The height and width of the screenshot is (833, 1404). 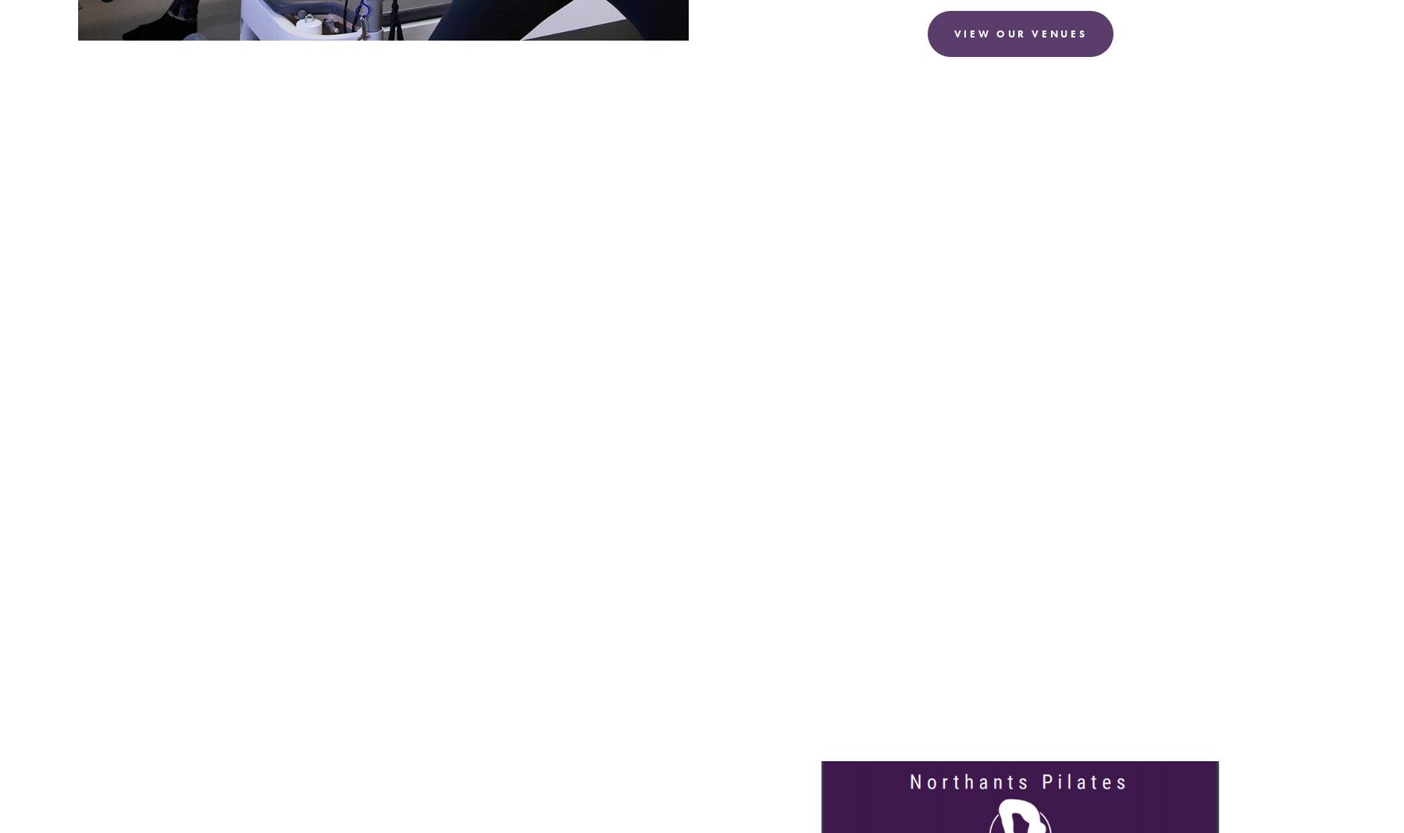 What do you see at coordinates (125, 683) in the screenshot?
I see `'Keep back problems from recurring by practising better movement patterns and changing harmful habits.'` at bounding box center [125, 683].